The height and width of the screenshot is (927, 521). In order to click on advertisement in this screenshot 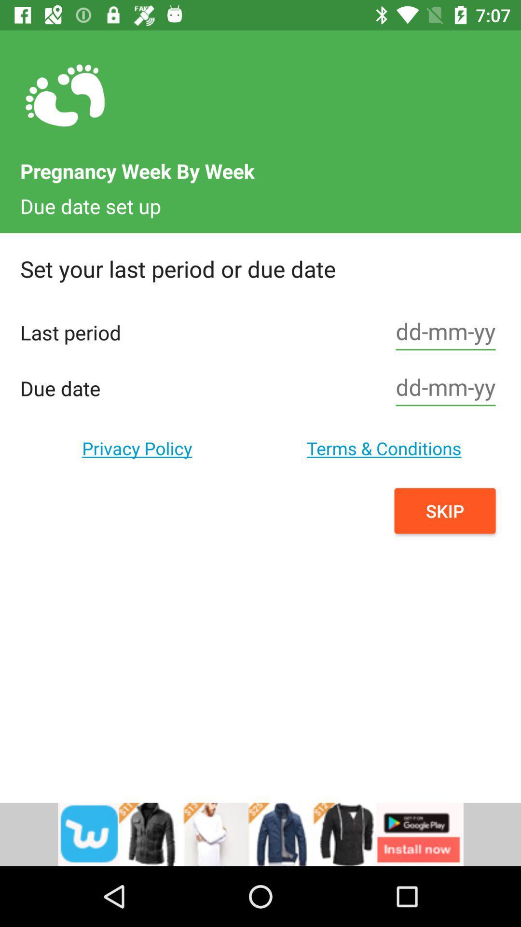, I will do `click(260, 834)`.